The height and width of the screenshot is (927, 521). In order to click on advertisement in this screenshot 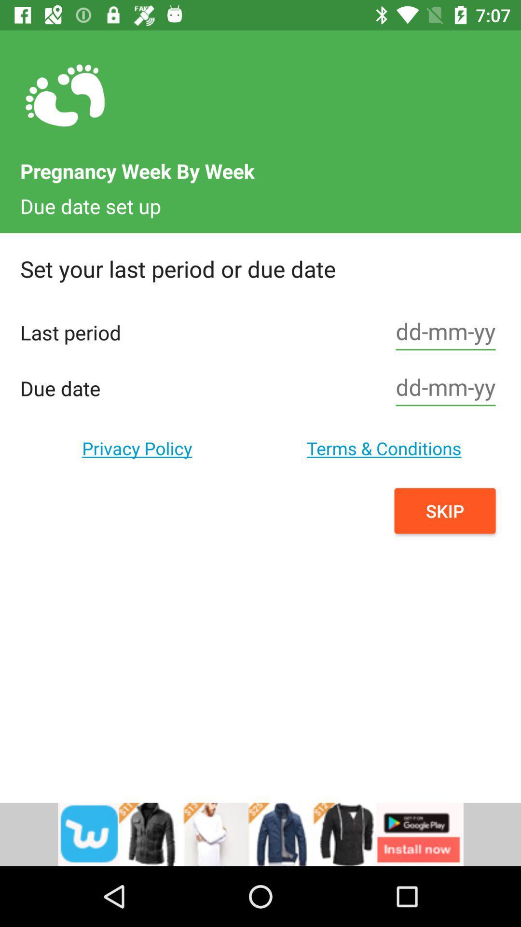, I will do `click(260, 834)`.